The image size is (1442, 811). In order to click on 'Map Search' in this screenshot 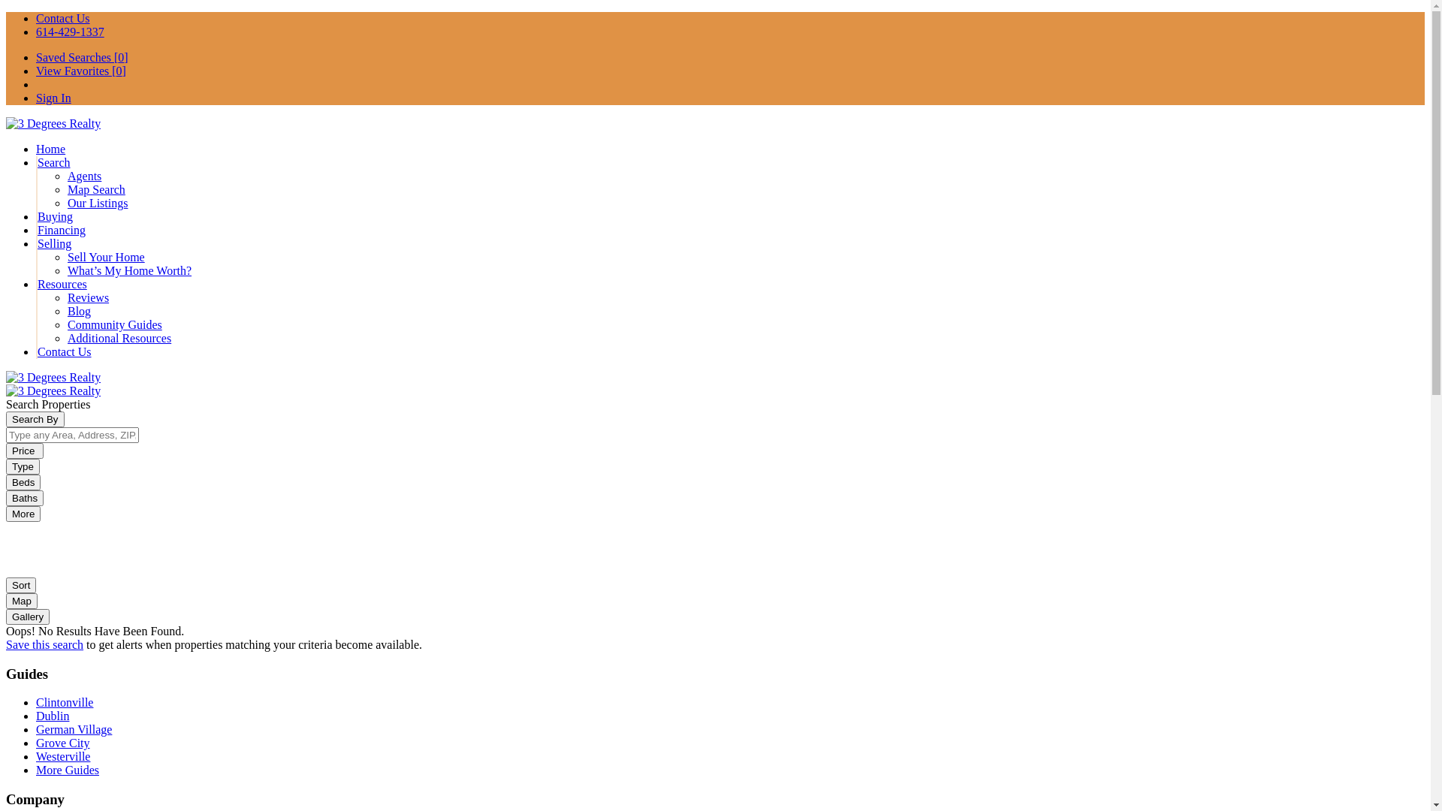, I will do `click(95, 188)`.